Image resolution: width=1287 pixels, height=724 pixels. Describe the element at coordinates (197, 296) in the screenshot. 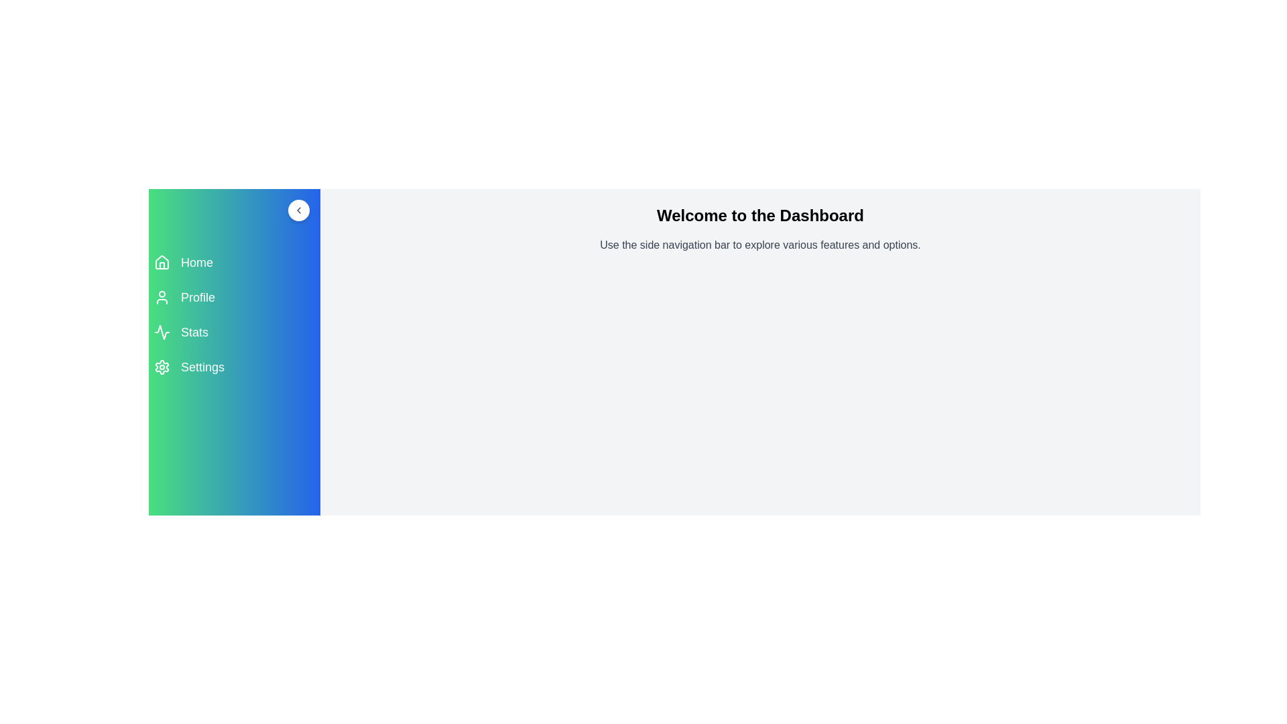

I see `the 'Profile' label in the left-side navigation panel, which is positioned below the 'Home' icon and above the 'Stats' option` at that location.